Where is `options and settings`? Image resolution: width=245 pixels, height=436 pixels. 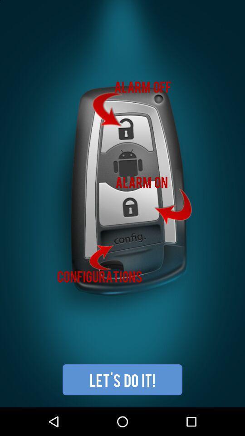 options and settings is located at coordinates (122, 203).